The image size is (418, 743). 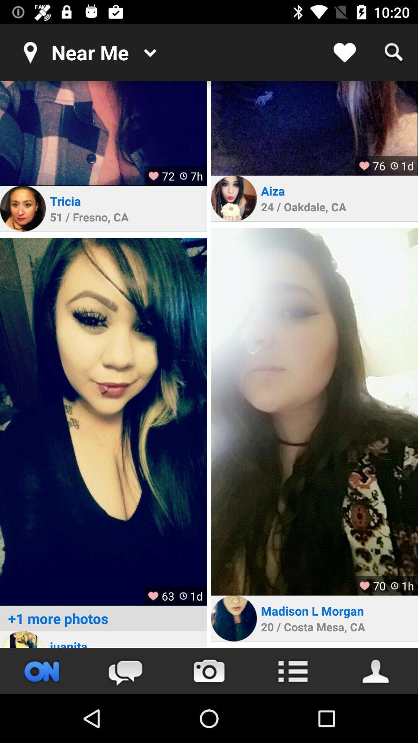 I want to click on chat icon, so click(x=125, y=671).